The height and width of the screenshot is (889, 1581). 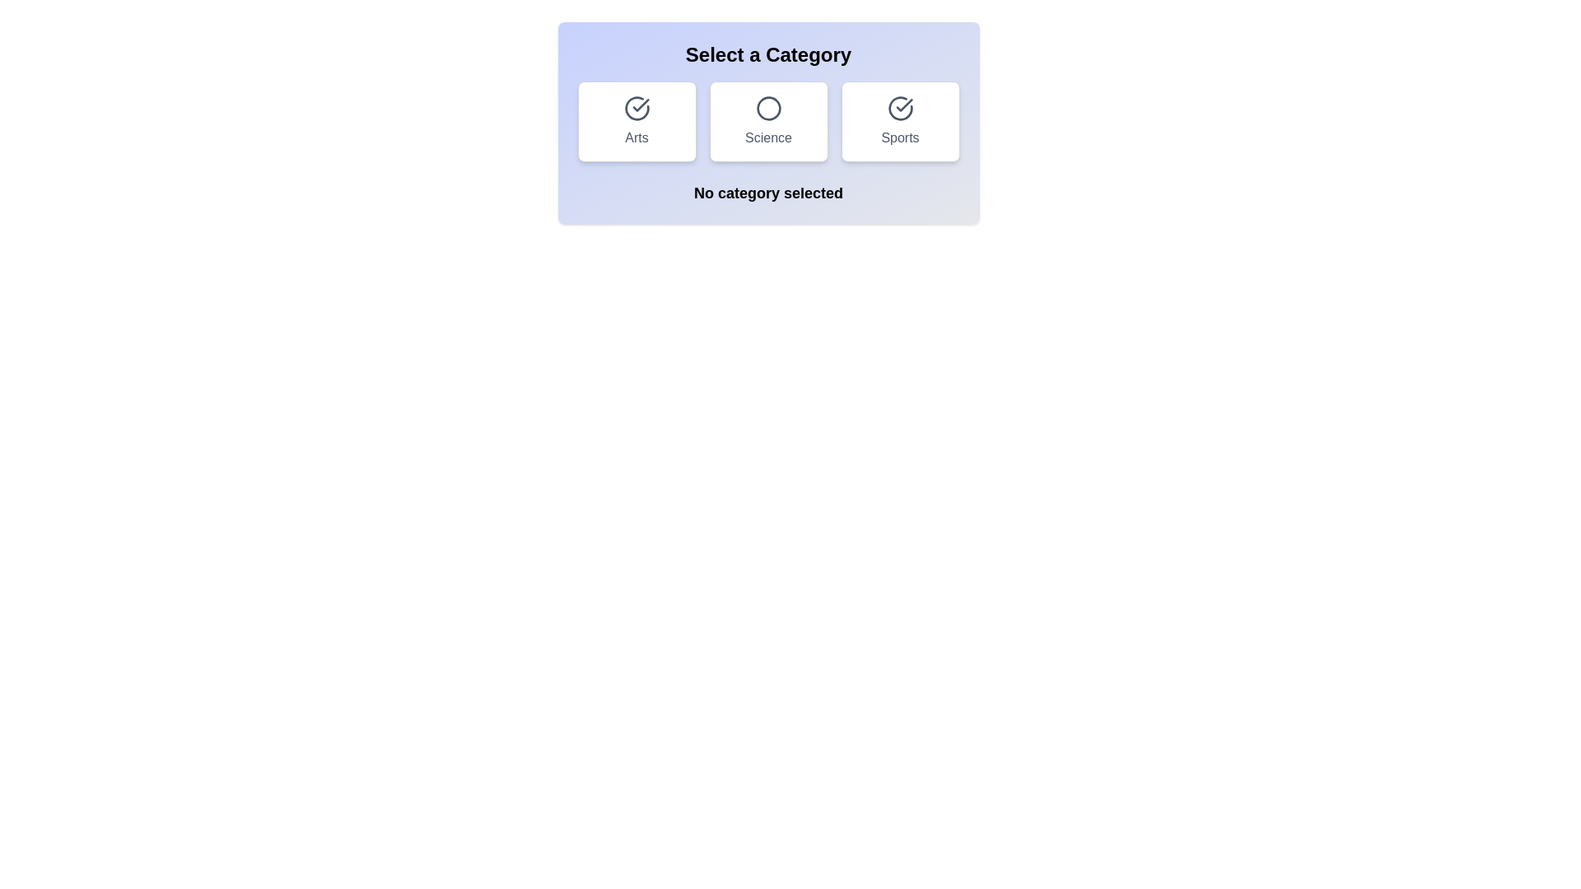 I want to click on the rectangular button labeled 'Sports', which has a white background and a checkmark icon above the label, so click(x=899, y=120).